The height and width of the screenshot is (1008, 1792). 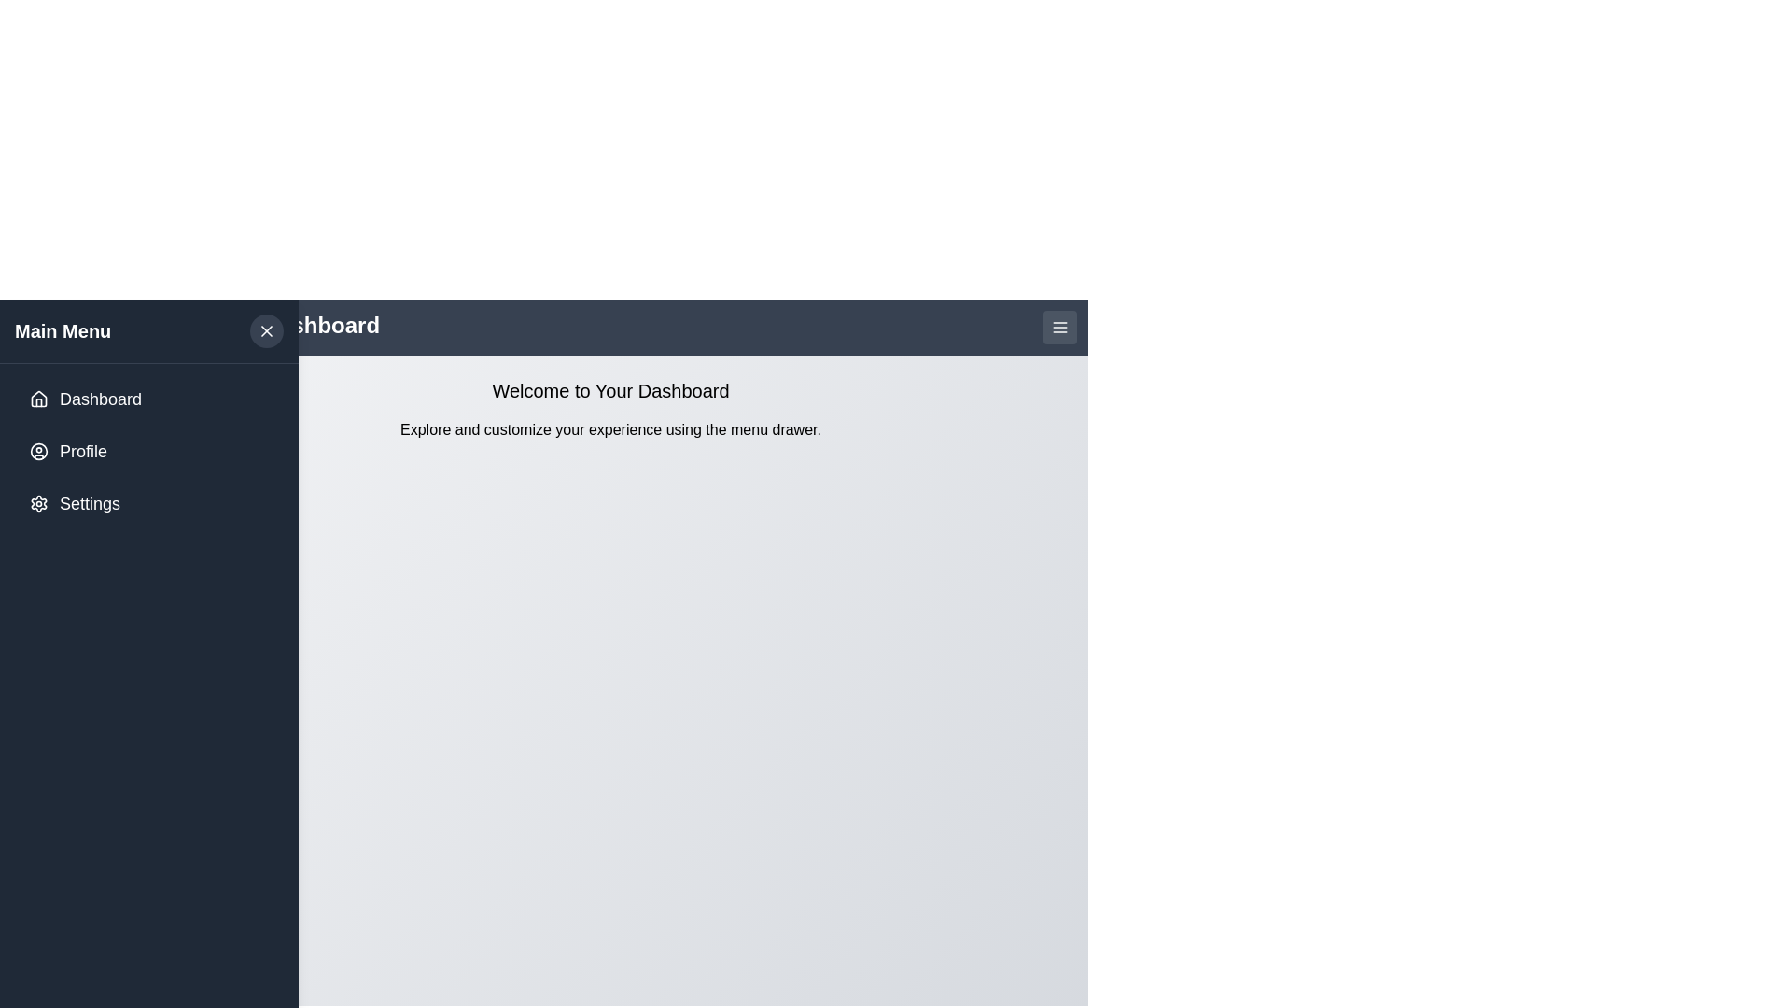 What do you see at coordinates (266, 329) in the screenshot?
I see `the diagonal cross ('X') icon located at the top left corner of the interface inside the sidebar header section, which serves as a close or cancel symbol` at bounding box center [266, 329].